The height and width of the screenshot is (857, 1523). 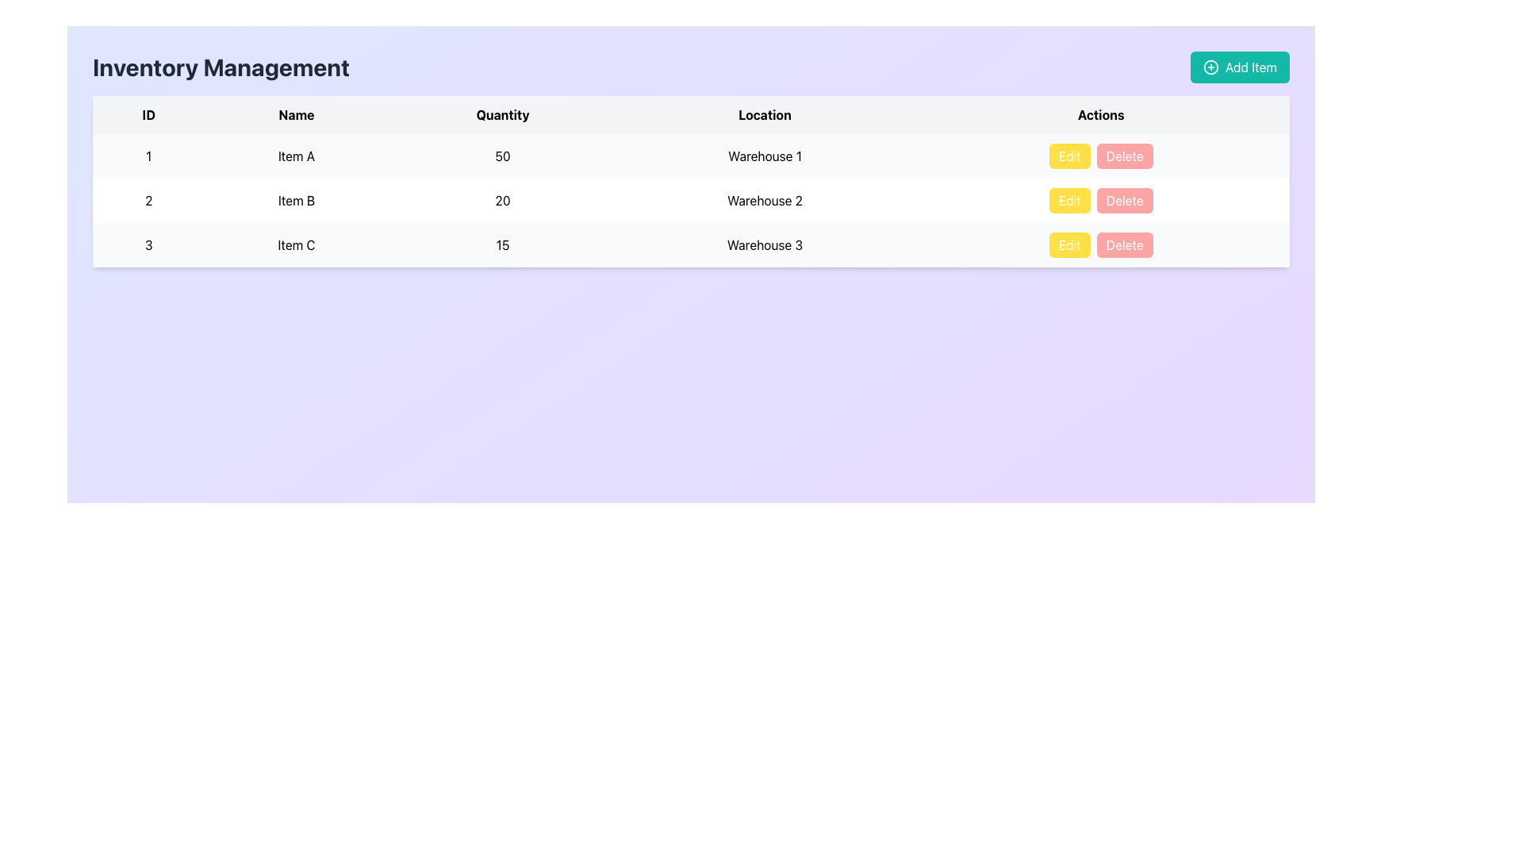 What do you see at coordinates (1100, 200) in the screenshot?
I see `the 'Delete' button in the Actions column associated with 'Item B'` at bounding box center [1100, 200].